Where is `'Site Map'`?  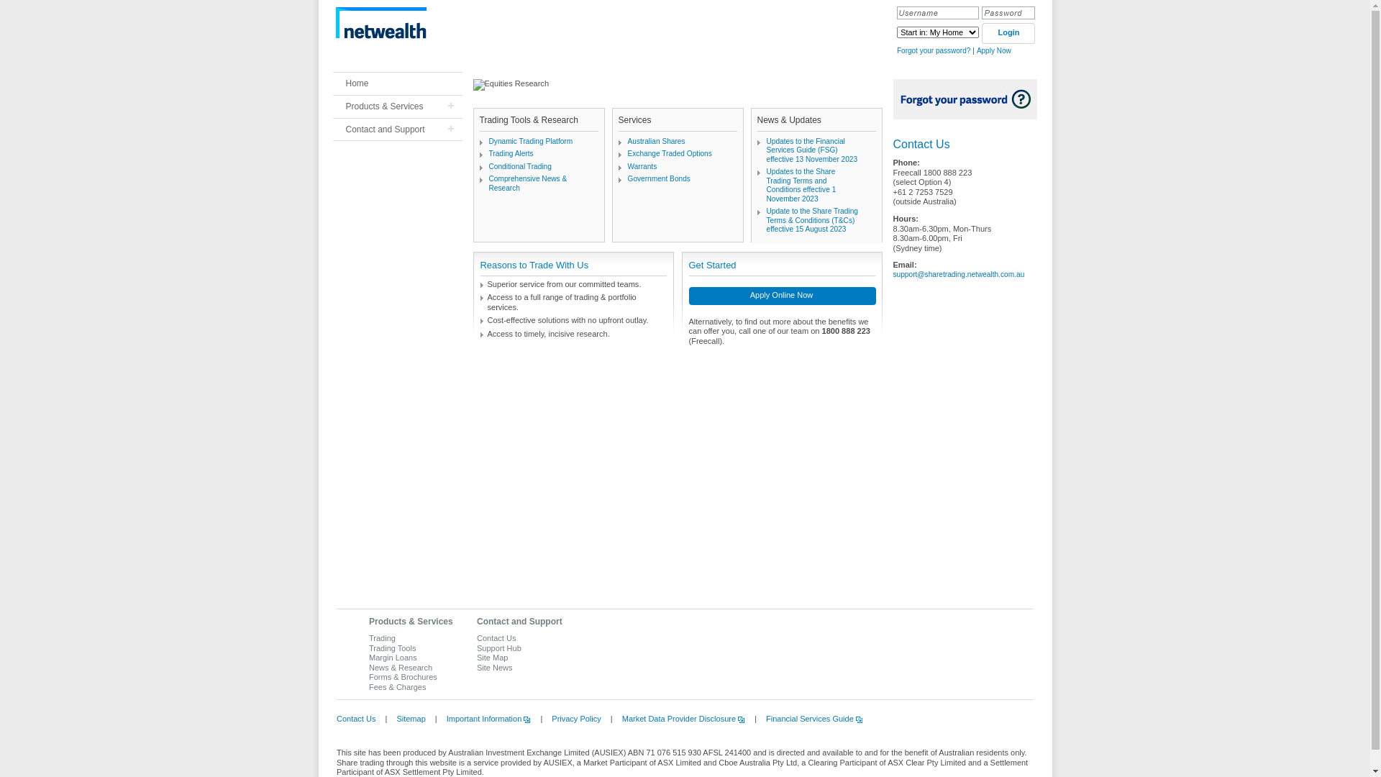 'Site Map' is located at coordinates (476, 658).